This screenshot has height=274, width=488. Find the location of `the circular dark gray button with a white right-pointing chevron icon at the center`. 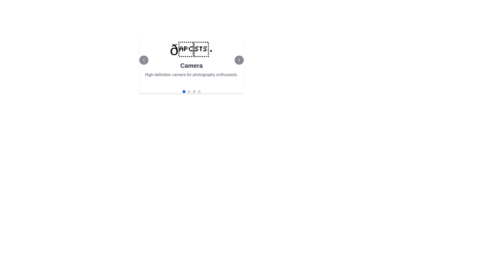

the circular dark gray button with a white right-pointing chevron icon at the center is located at coordinates (239, 60).